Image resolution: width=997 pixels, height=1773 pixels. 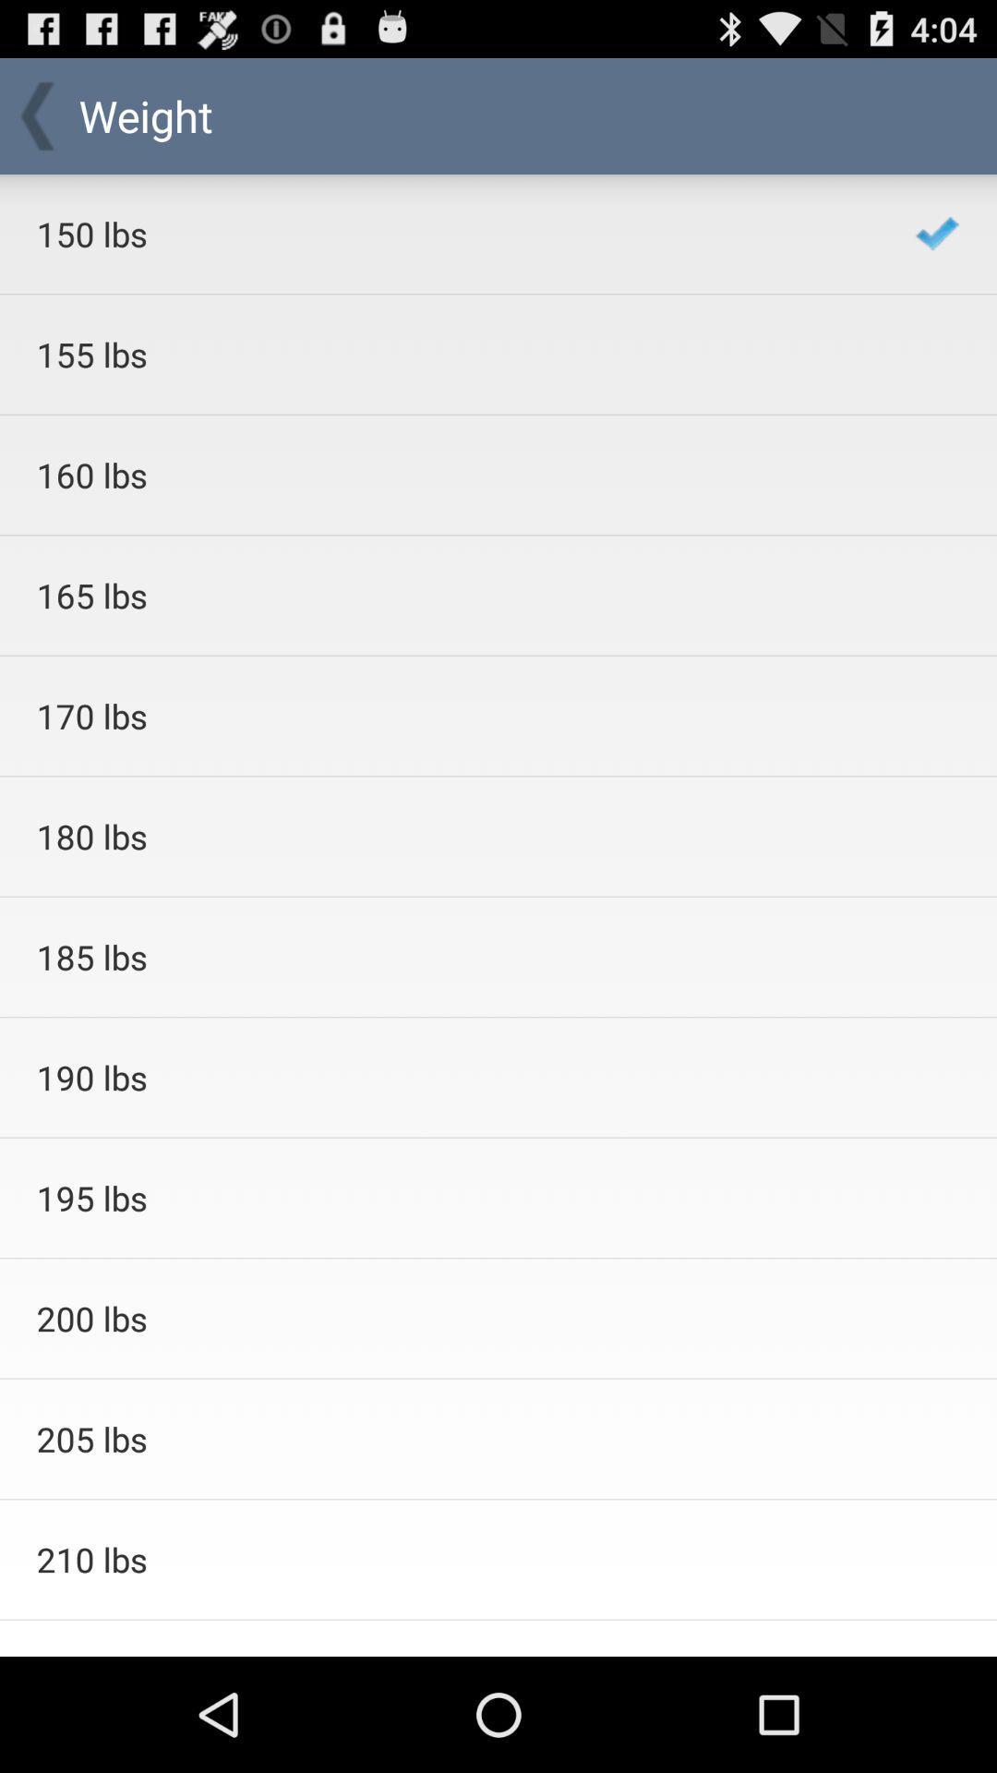 What do you see at coordinates (451, 715) in the screenshot?
I see `170 lbs icon` at bounding box center [451, 715].